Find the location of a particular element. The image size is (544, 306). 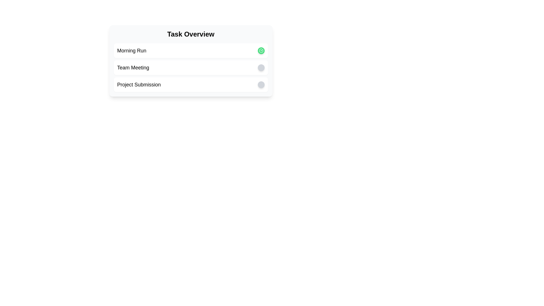

the button located at the far right of the 'Team Meeting' card is located at coordinates (261, 67).